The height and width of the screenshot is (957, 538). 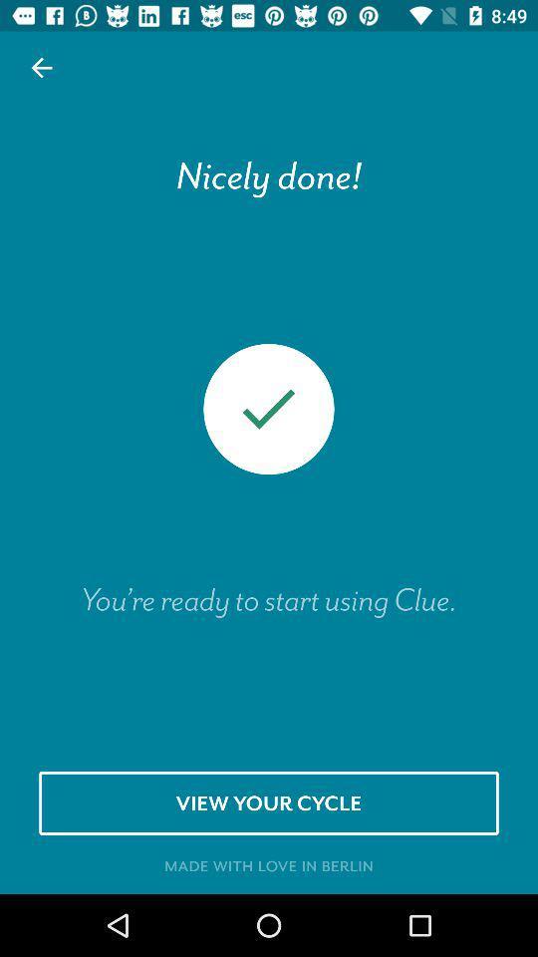 I want to click on go back, so click(x=42, y=68).